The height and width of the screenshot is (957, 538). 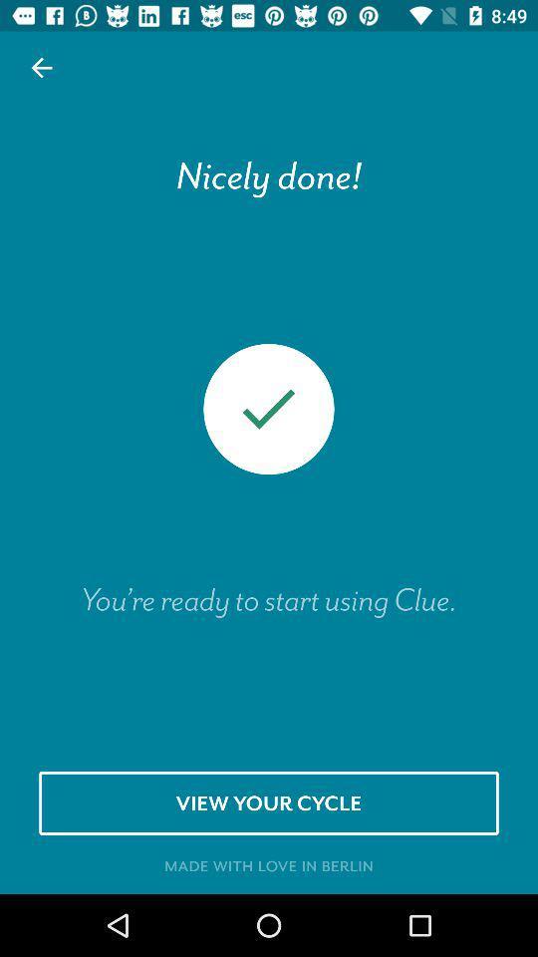 I want to click on go back, so click(x=42, y=68).